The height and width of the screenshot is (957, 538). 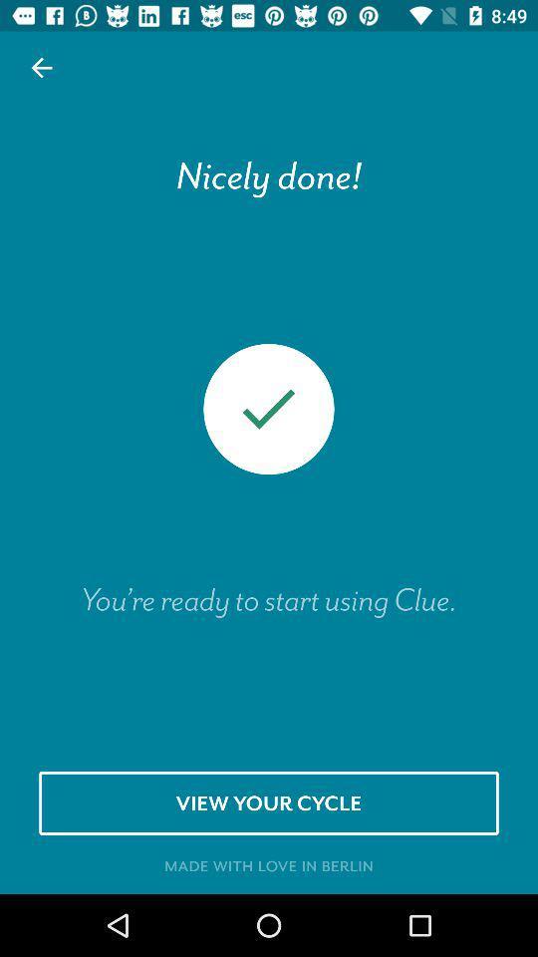 I want to click on go back, so click(x=42, y=68).